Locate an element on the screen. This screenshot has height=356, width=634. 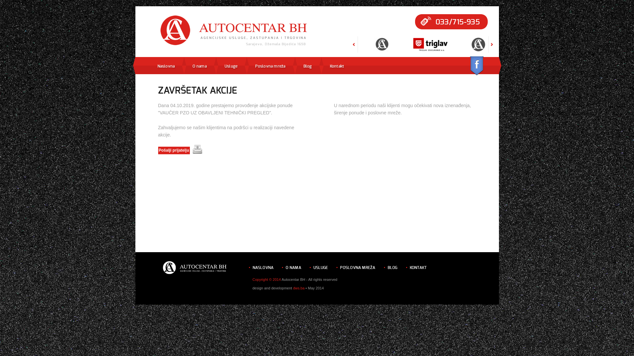
'dws.ba' is located at coordinates (298, 288).